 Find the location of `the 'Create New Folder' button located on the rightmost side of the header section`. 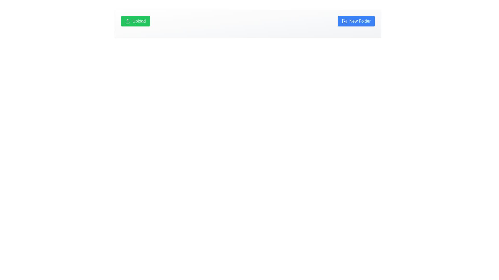

the 'Create New Folder' button located on the rightmost side of the header section is located at coordinates (356, 21).